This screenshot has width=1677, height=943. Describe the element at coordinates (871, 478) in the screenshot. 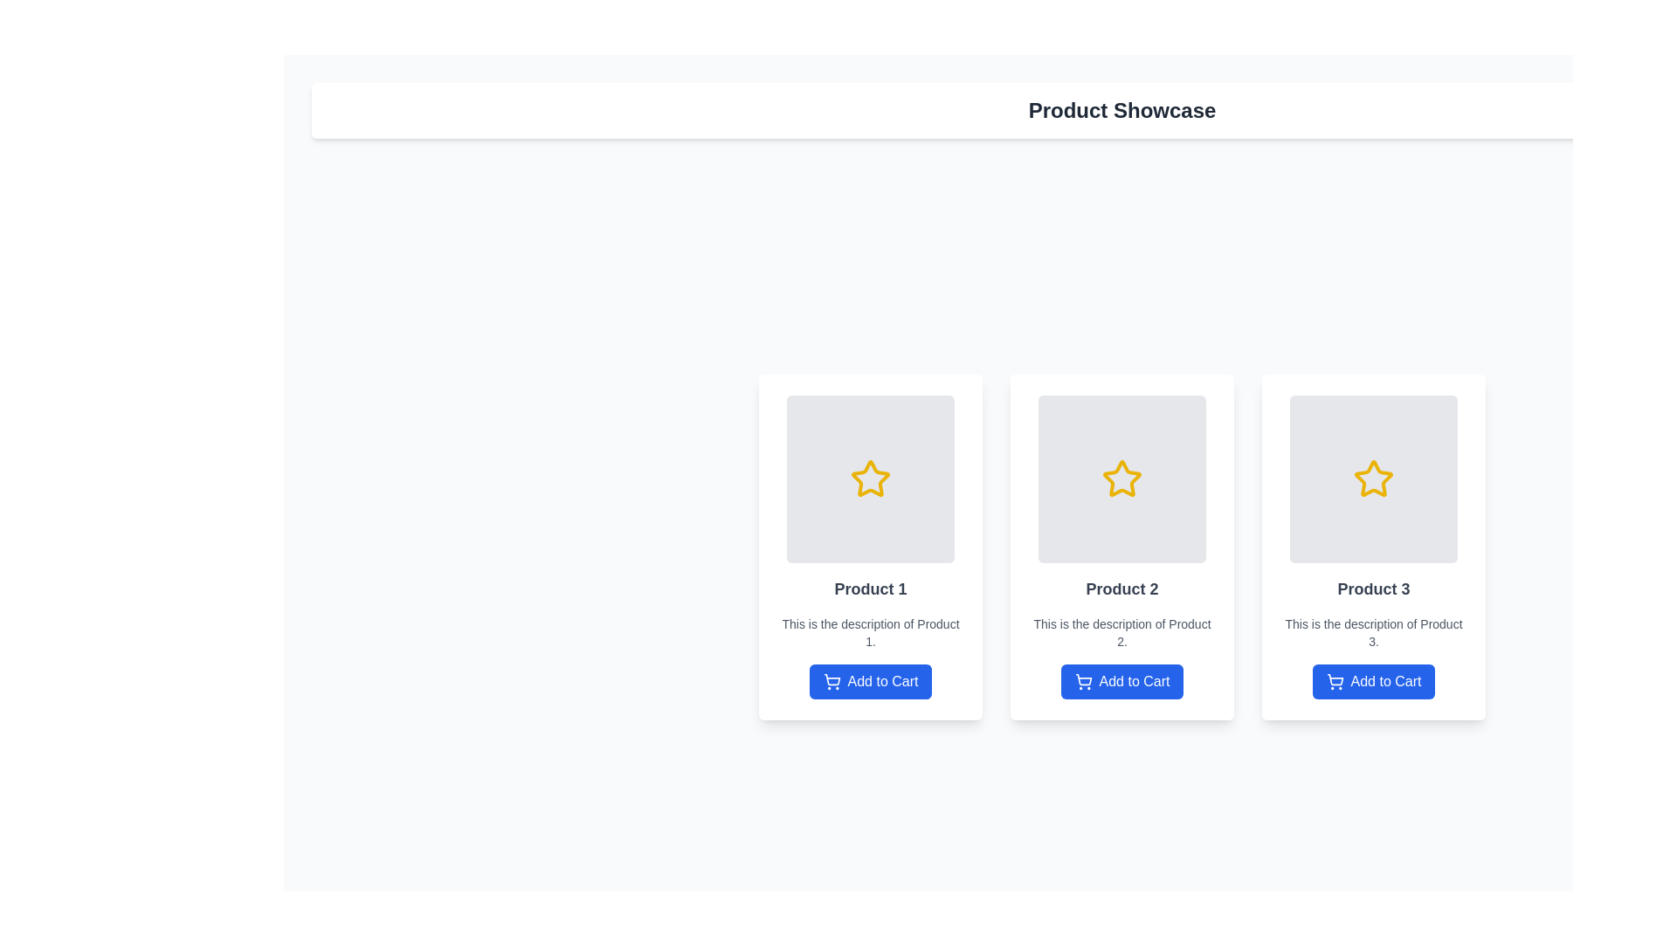

I see `the yellow star icon located in the 'Product 1' card, which is the first card among three similar cards arranged horizontally on the page` at that location.